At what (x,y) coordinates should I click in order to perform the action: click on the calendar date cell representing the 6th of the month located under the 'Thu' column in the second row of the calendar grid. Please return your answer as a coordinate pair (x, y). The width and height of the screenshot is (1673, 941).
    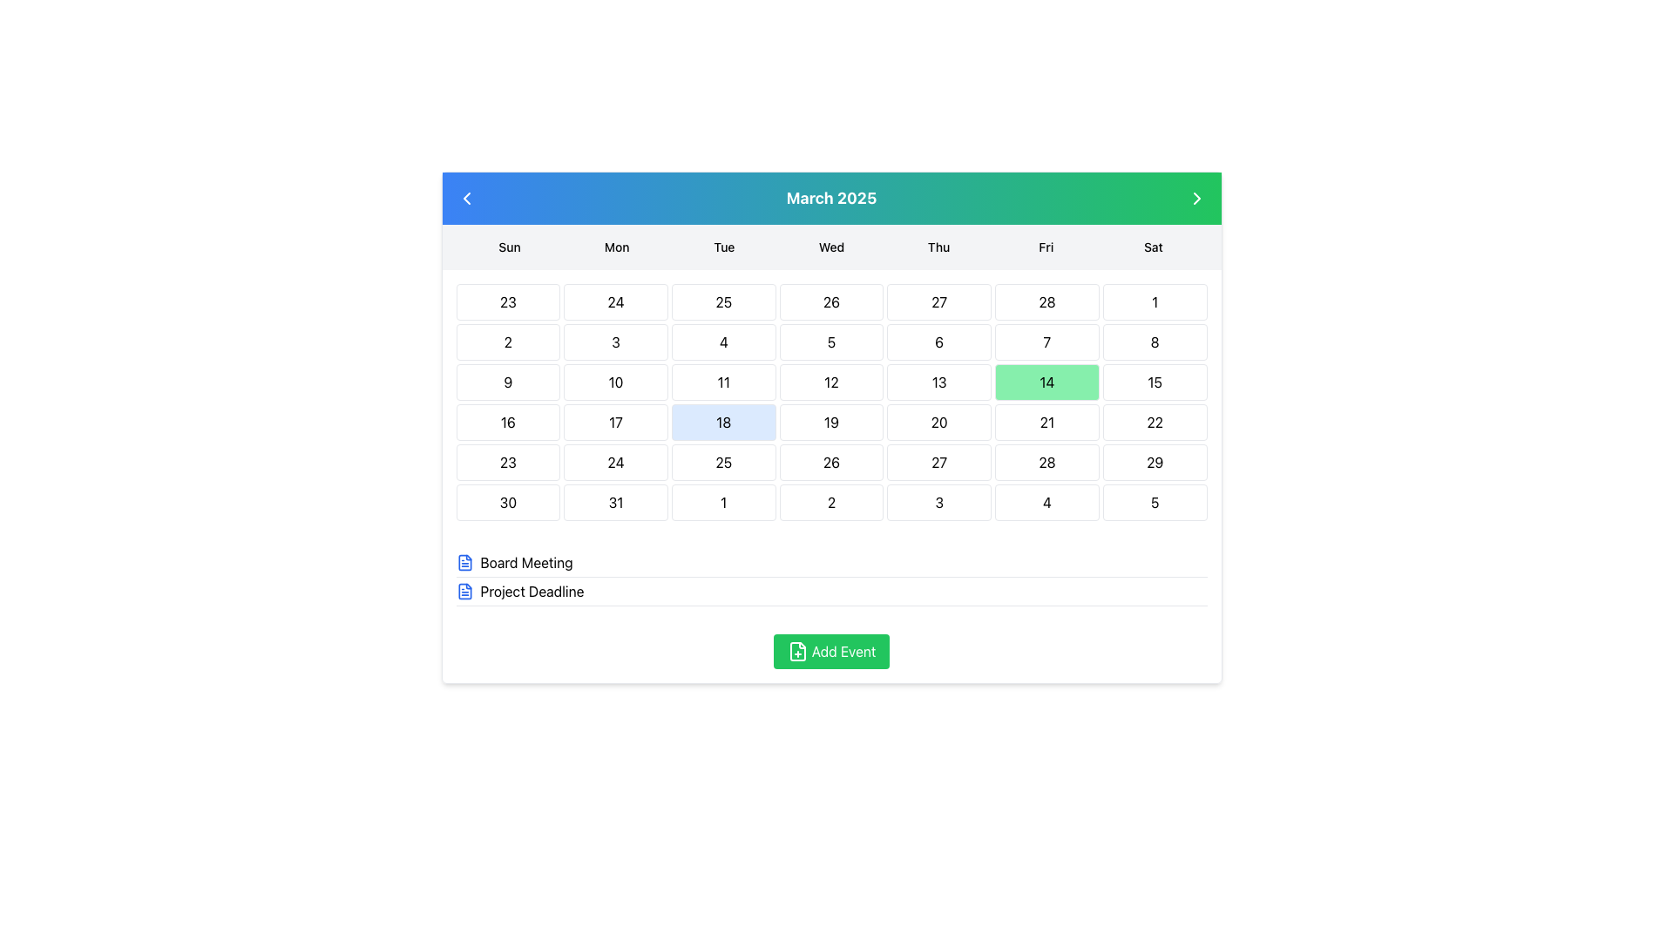
    Looking at the image, I should click on (938, 342).